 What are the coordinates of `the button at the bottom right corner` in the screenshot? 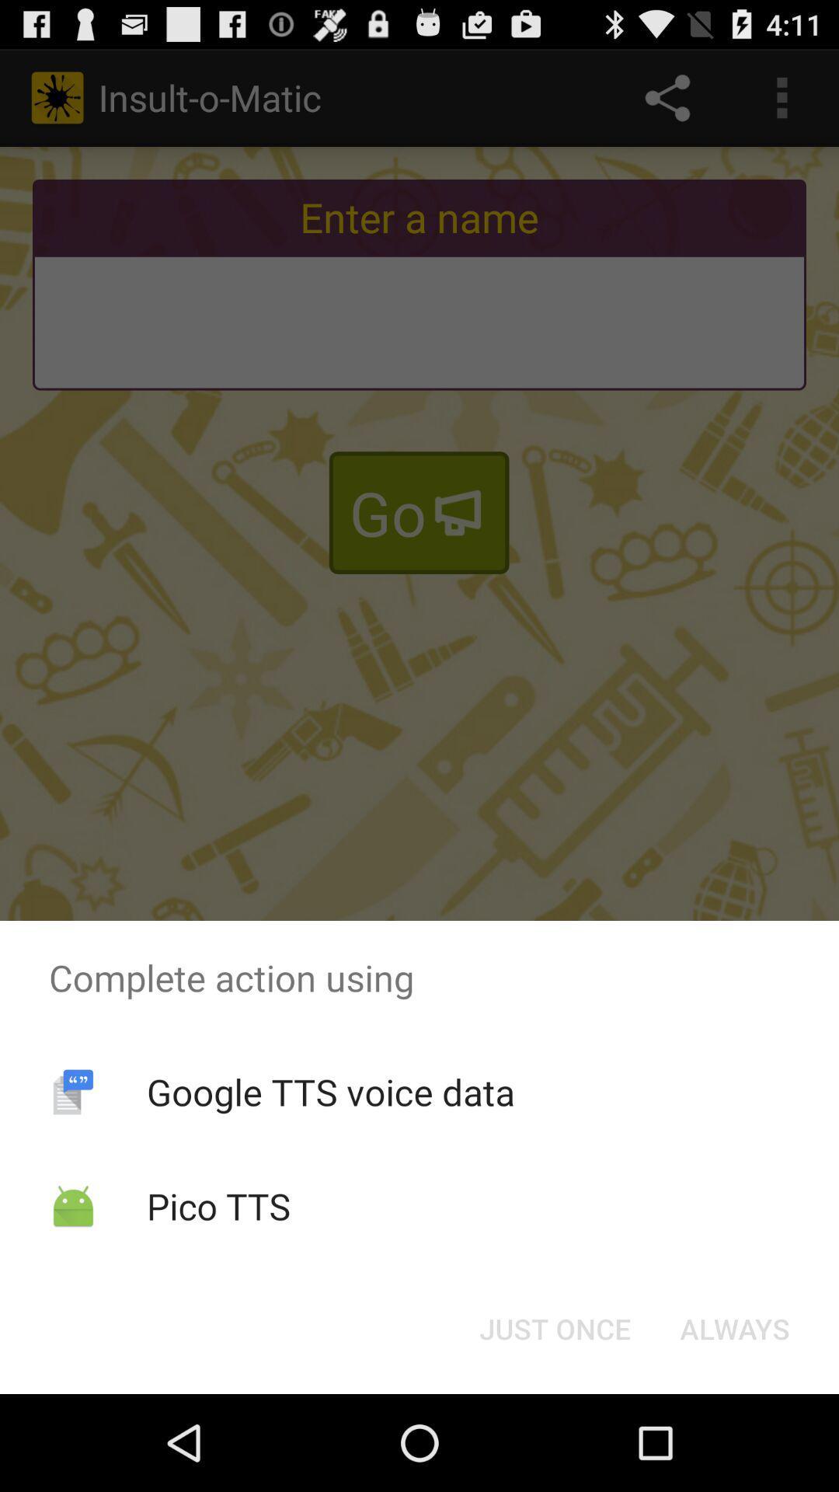 It's located at (734, 1327).